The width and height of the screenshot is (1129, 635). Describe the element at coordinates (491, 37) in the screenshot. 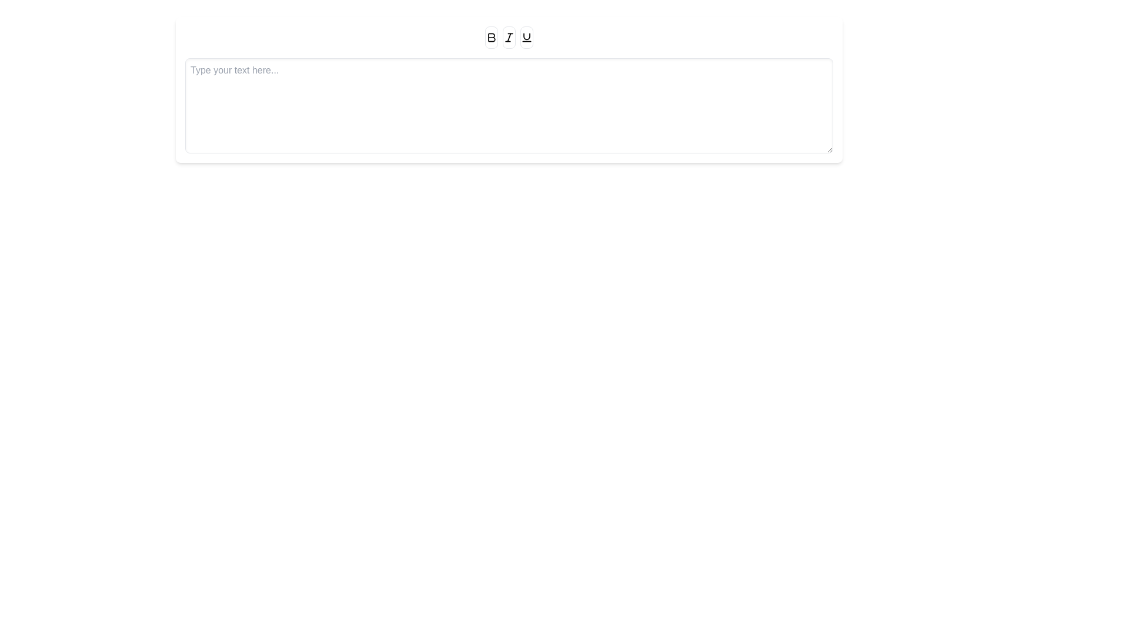

I see `the 'Bold' button icon located in the toolbar` at that location.